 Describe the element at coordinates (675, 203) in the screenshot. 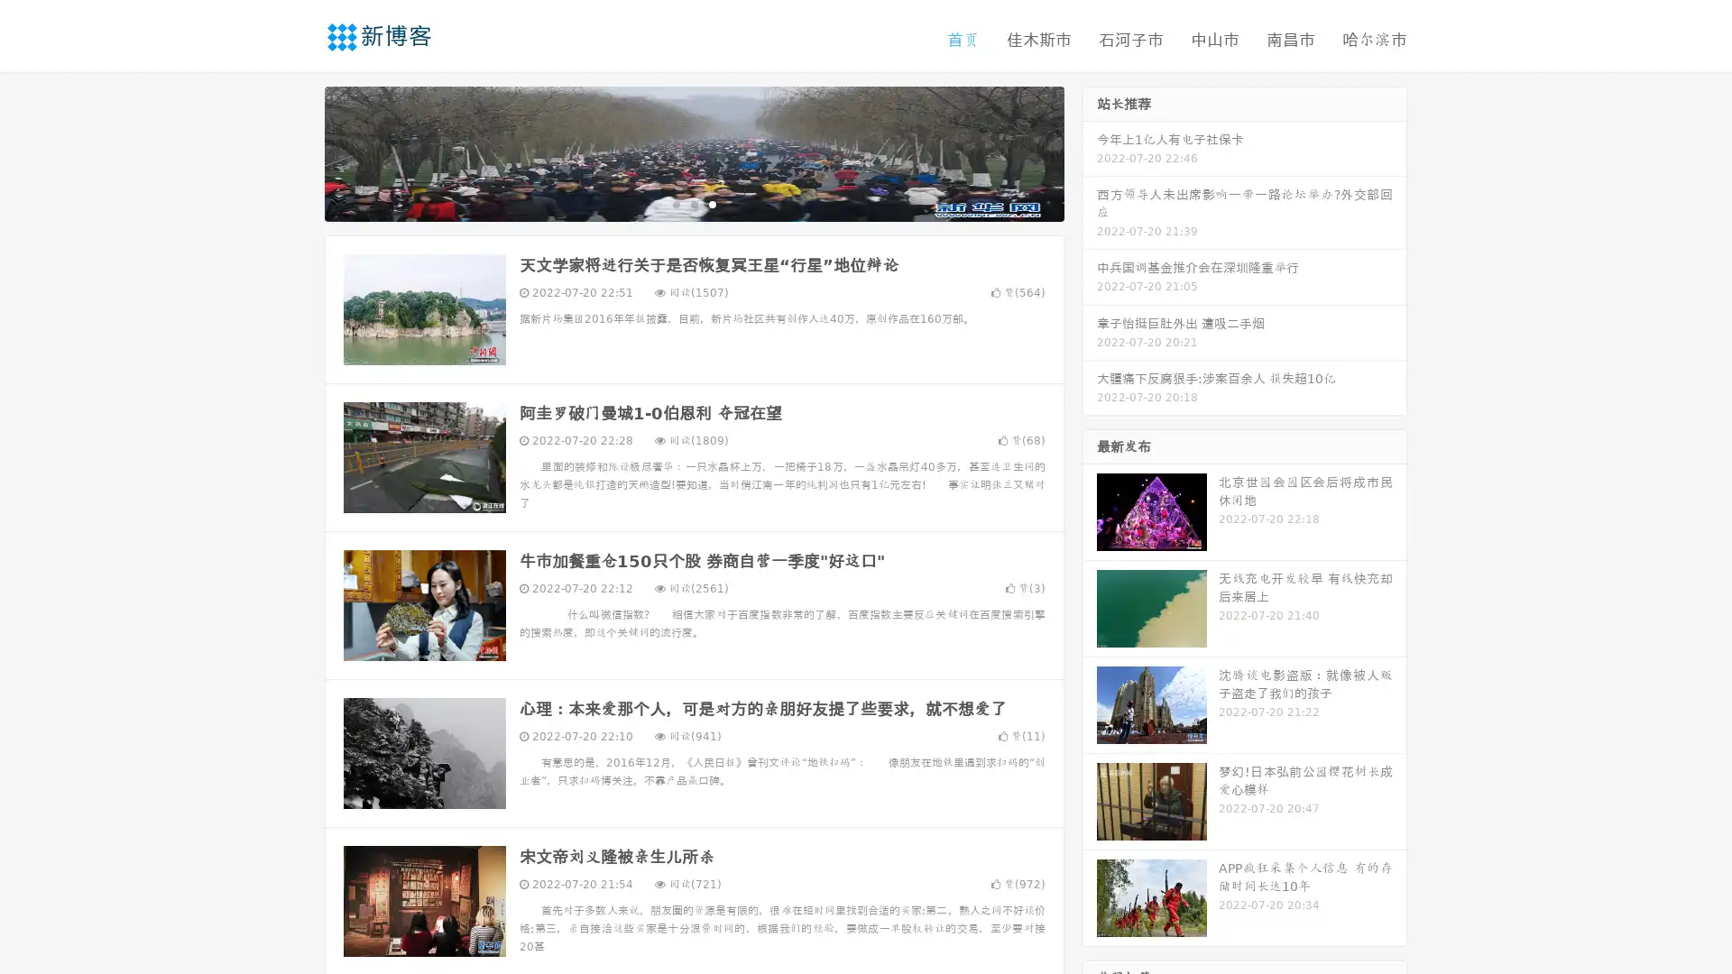

I see `Go to slide 1` at that location.